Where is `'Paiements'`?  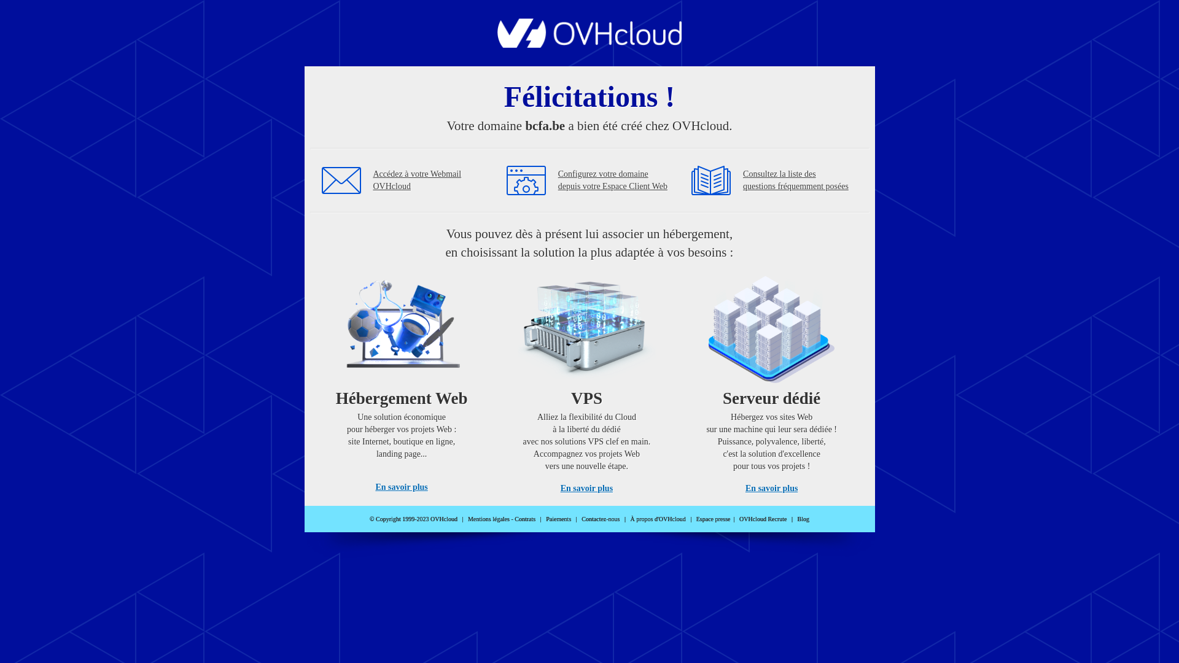 'Paiements' is located at coordinates (558, 519).